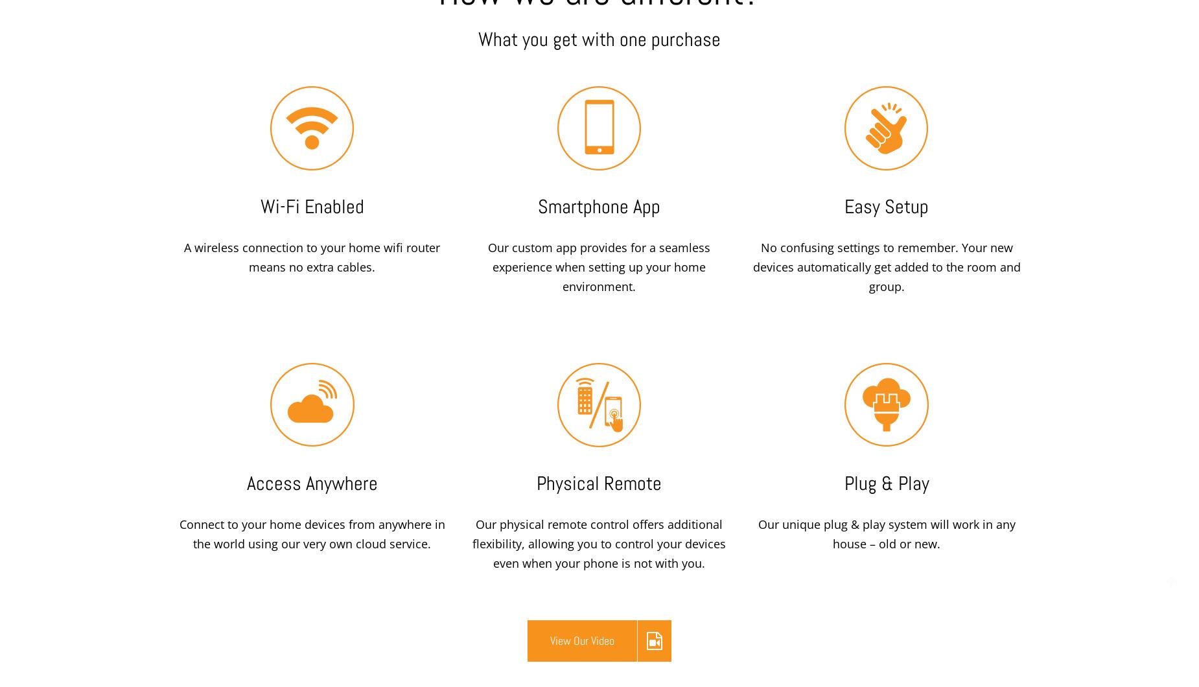  I want to click on 'Access Anywhere', so click(312, 483).